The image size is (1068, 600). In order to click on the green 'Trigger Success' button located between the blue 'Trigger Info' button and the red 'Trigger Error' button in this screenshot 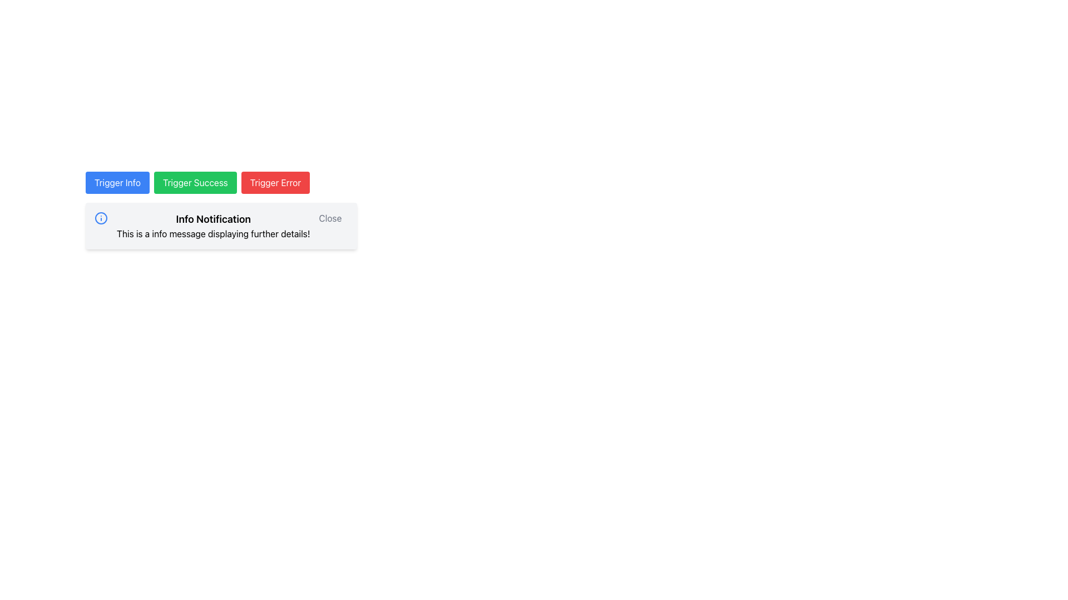, I will do `click(195, 182)`.